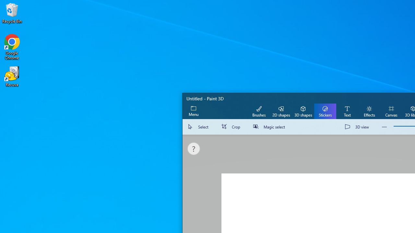 This screenshot has width=415, height=233. What do you see at coordinates (391, 111) in the screenshot?
I see `'Canvas'` at bounding box center [391, 111].